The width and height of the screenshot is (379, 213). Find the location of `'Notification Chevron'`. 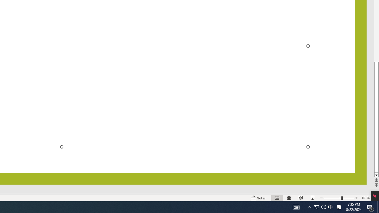

'Notification Chevron' is located at coordinates (319, 206).